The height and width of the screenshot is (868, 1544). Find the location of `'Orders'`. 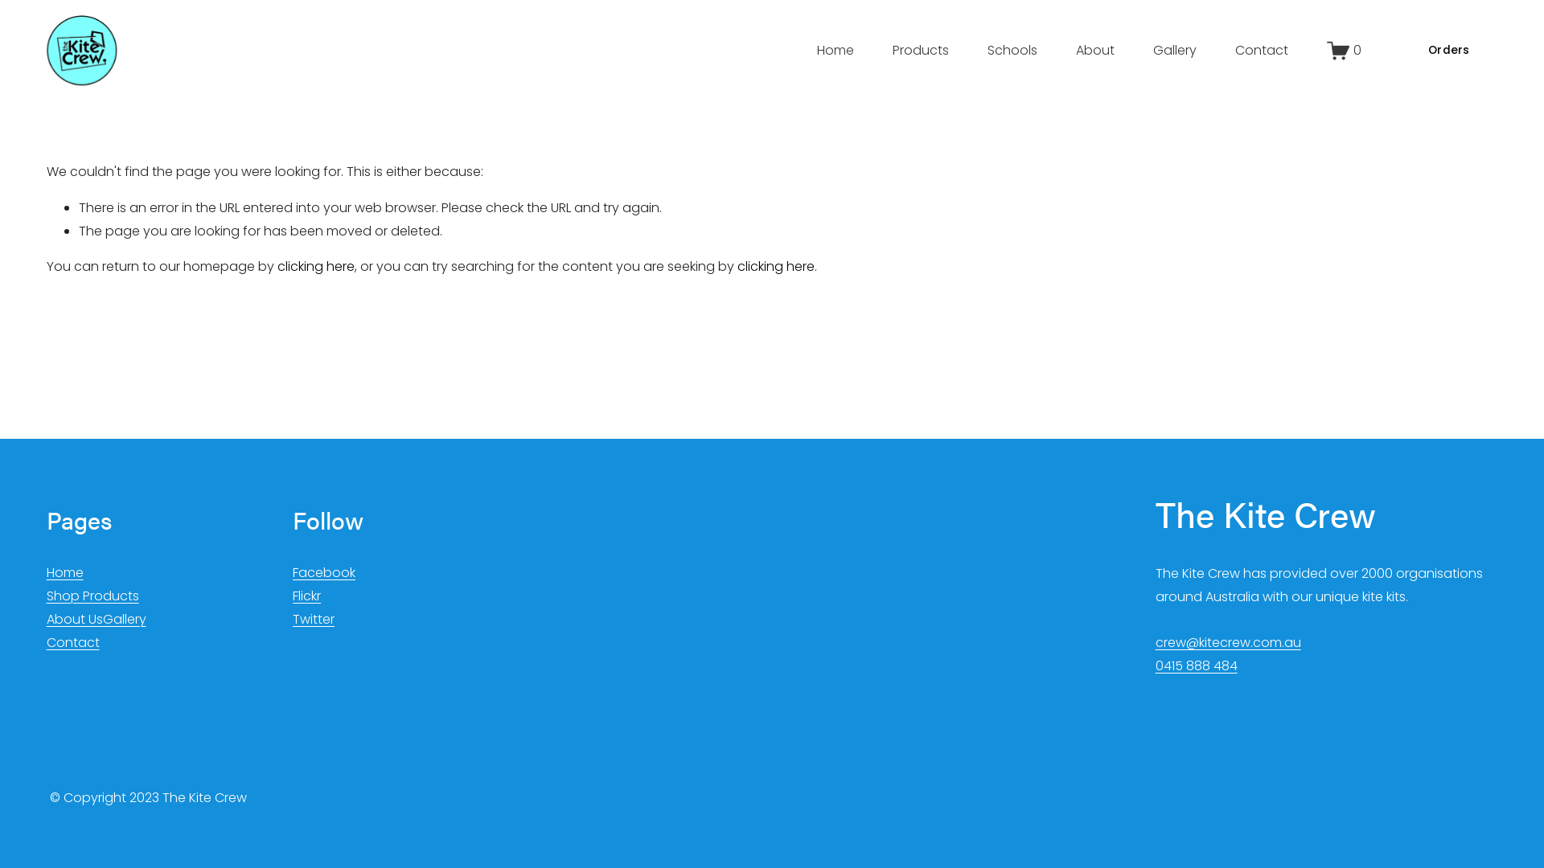

'Orders' is located at coordinates (1399, 49).